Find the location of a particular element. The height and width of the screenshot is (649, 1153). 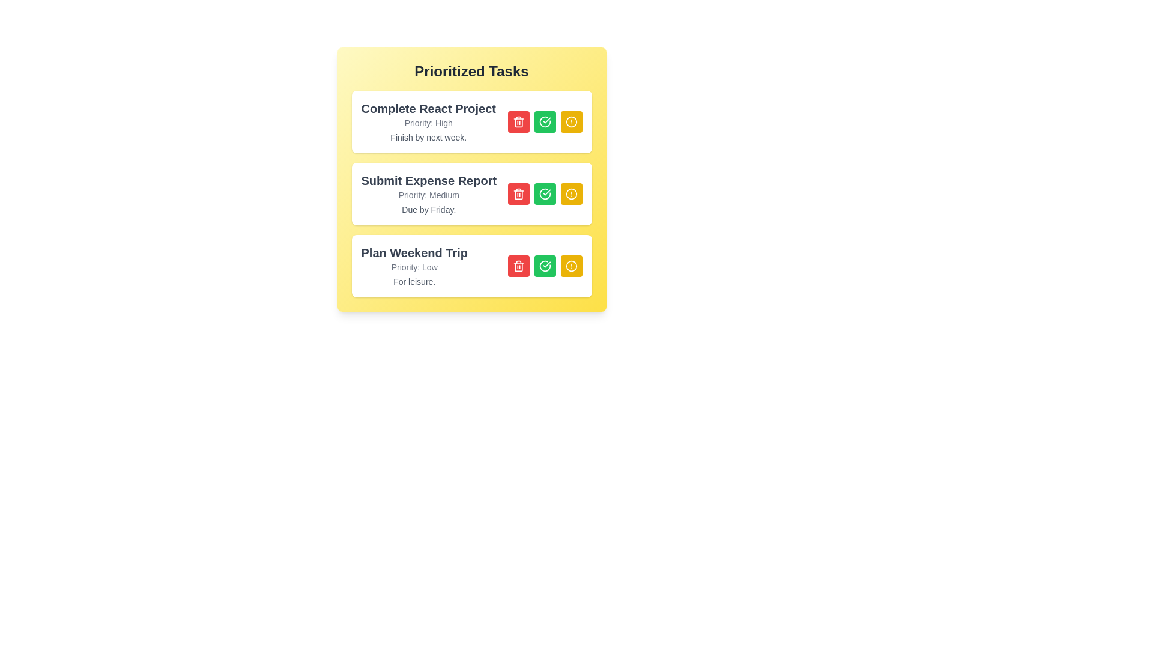

checkmark button for the task titled 'Complete React Project' is located at coordinates (544, 122).